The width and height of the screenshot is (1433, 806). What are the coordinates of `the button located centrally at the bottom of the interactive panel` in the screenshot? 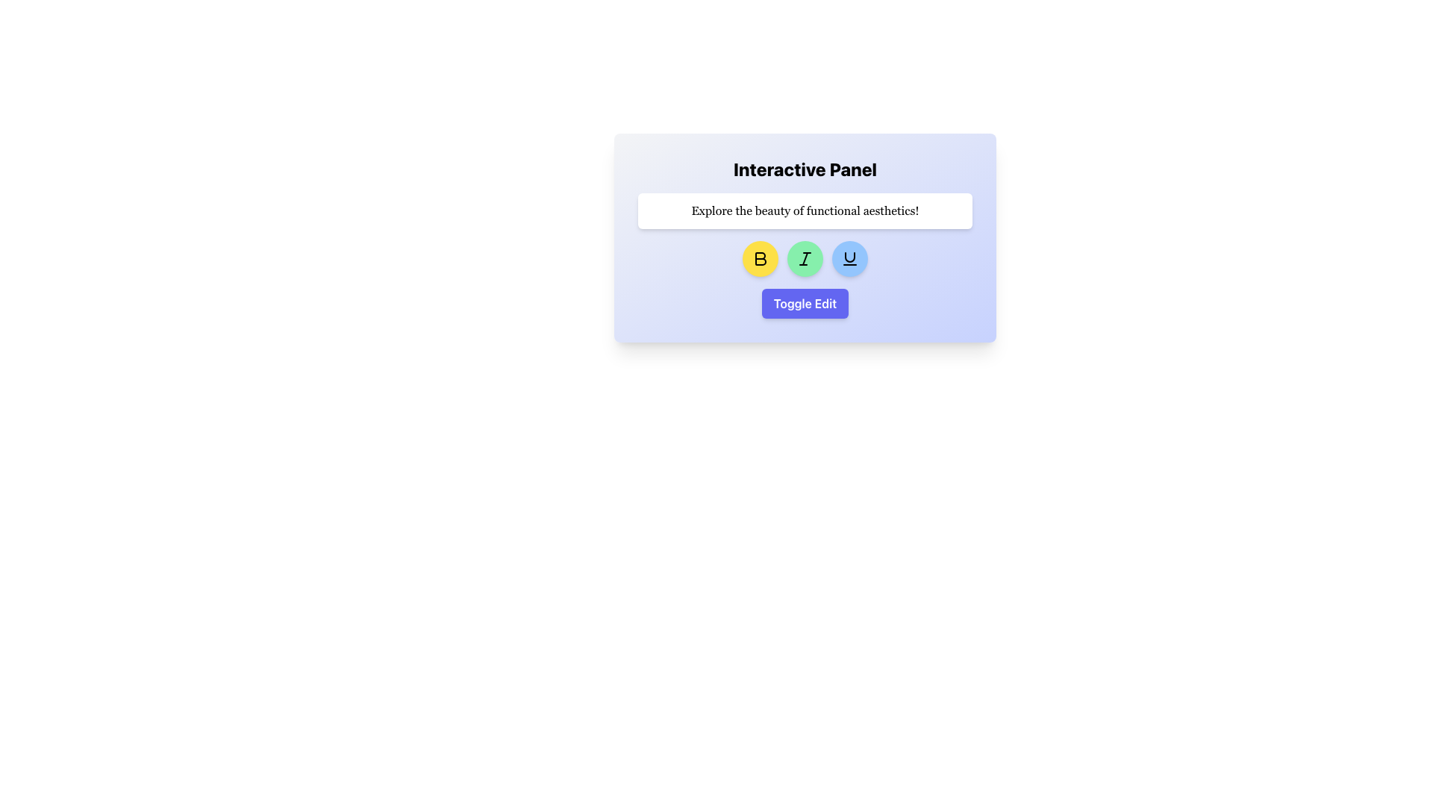 It's located at (805, 303).